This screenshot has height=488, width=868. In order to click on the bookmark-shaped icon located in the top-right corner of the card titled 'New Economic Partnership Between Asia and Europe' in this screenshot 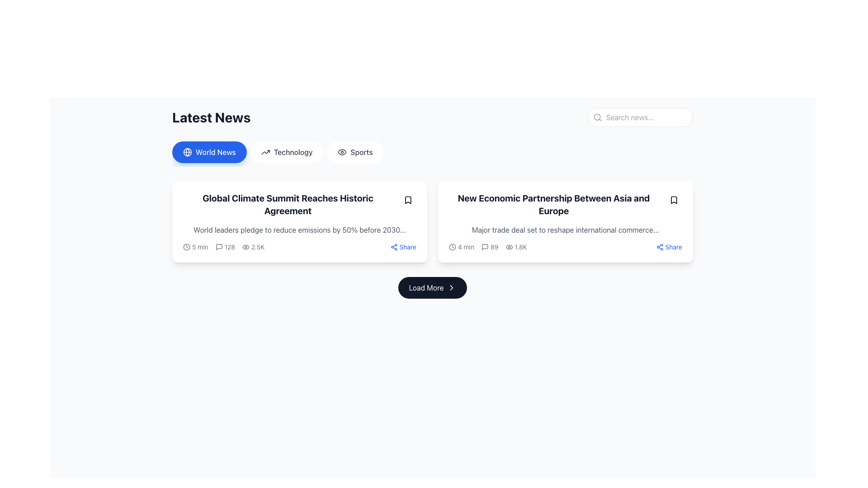, I will do `click(674, 200)`.